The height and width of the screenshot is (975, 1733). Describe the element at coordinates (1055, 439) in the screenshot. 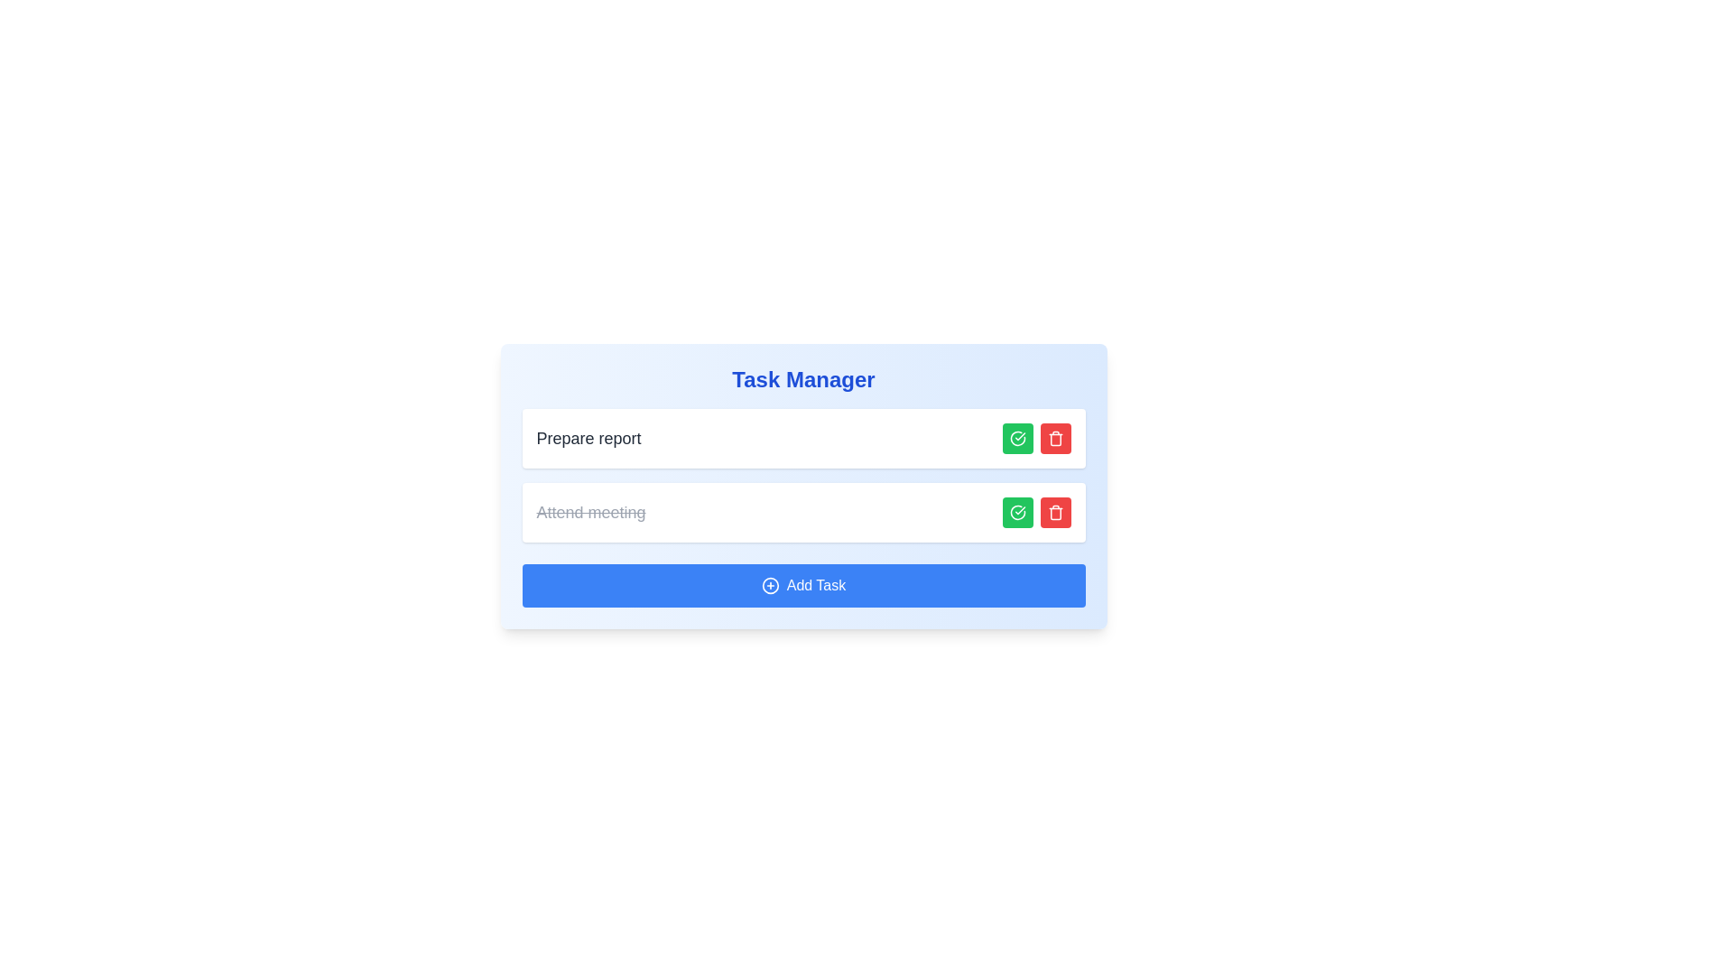

I see `the delete icon button located to the far right of the 'Prepare report' task entry` at that location.